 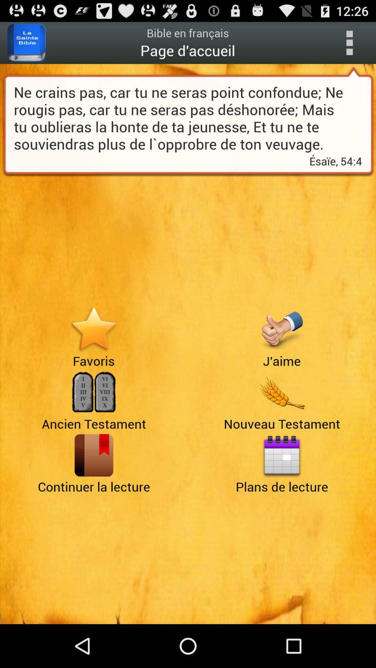 What do you see at coordinates (93, 487) in the screenshot?
I see `the book icon` at bounding box center [93, 487].